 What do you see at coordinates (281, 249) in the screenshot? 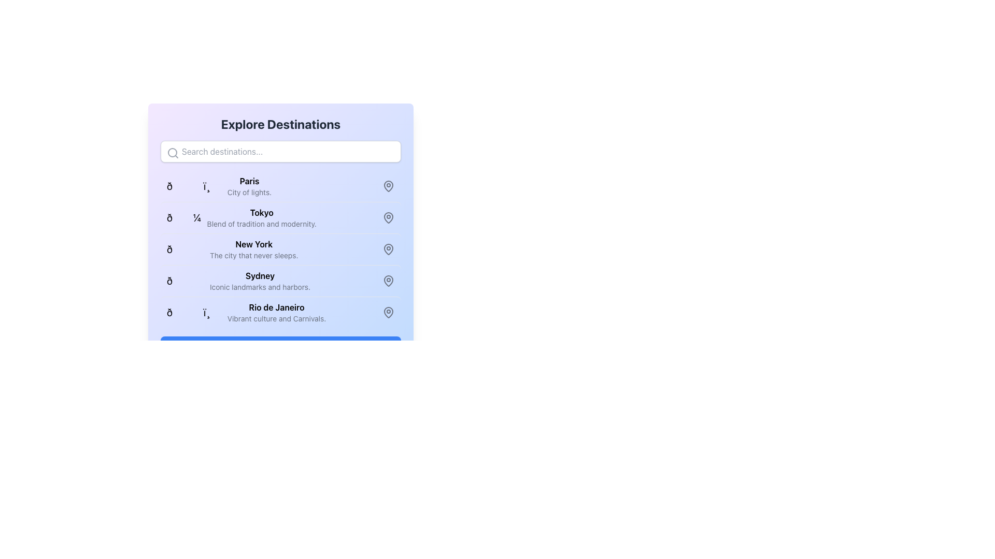
I see `the List Item displaying information about New York, which includes the title 'New York' in bold font and a descriptive subtitle 'The city that never sleeps.'` at bounding box center [281, 249].